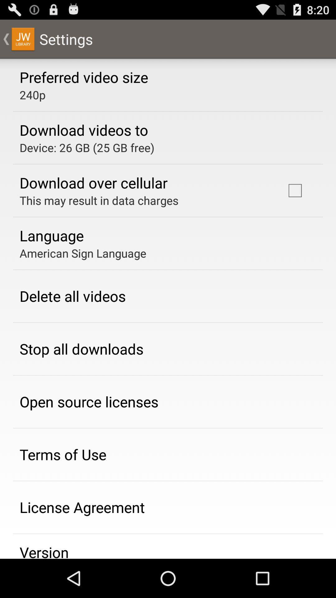  I want to click on the icon above the open source licenses item, so click(81, 349).